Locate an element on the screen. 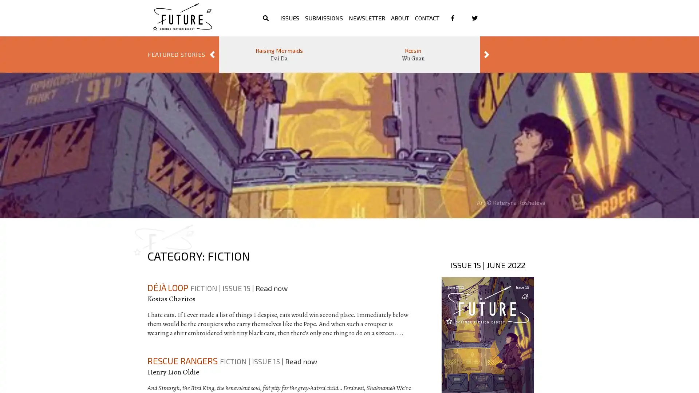  Previous is located at coordinates (212, 54).